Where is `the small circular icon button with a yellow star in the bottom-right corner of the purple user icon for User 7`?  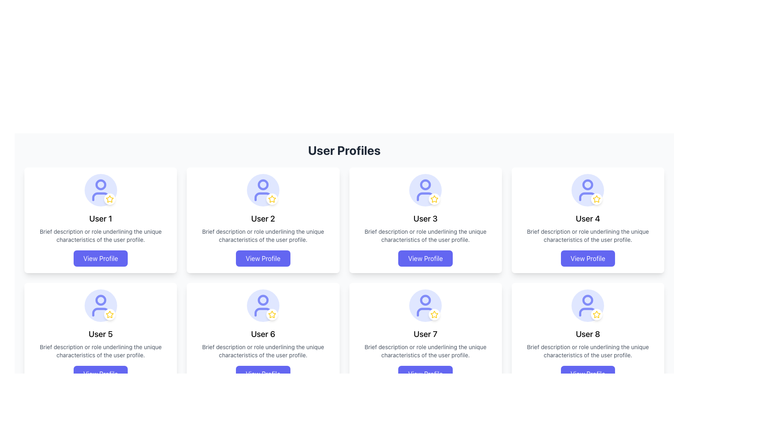 the small circular icon button with a yellow star in the bottom-right corner of the purple user icon for User 7 is located at coordinates (434, 314).